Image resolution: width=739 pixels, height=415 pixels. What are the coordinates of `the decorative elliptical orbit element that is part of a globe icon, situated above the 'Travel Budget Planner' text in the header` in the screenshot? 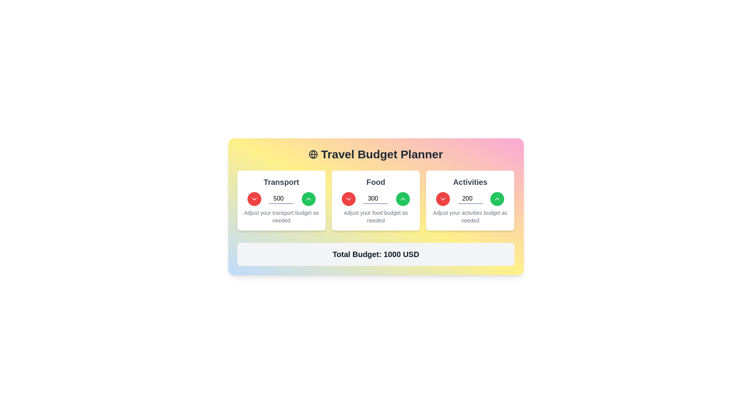 It's located at (313, 154).